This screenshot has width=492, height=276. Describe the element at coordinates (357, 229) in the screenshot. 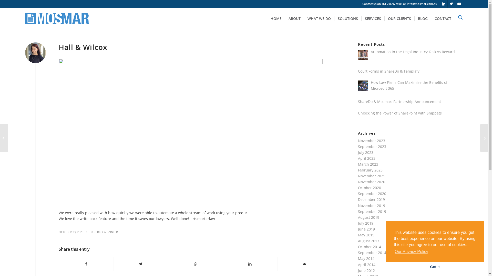

I see `'June 2019'` at that location.